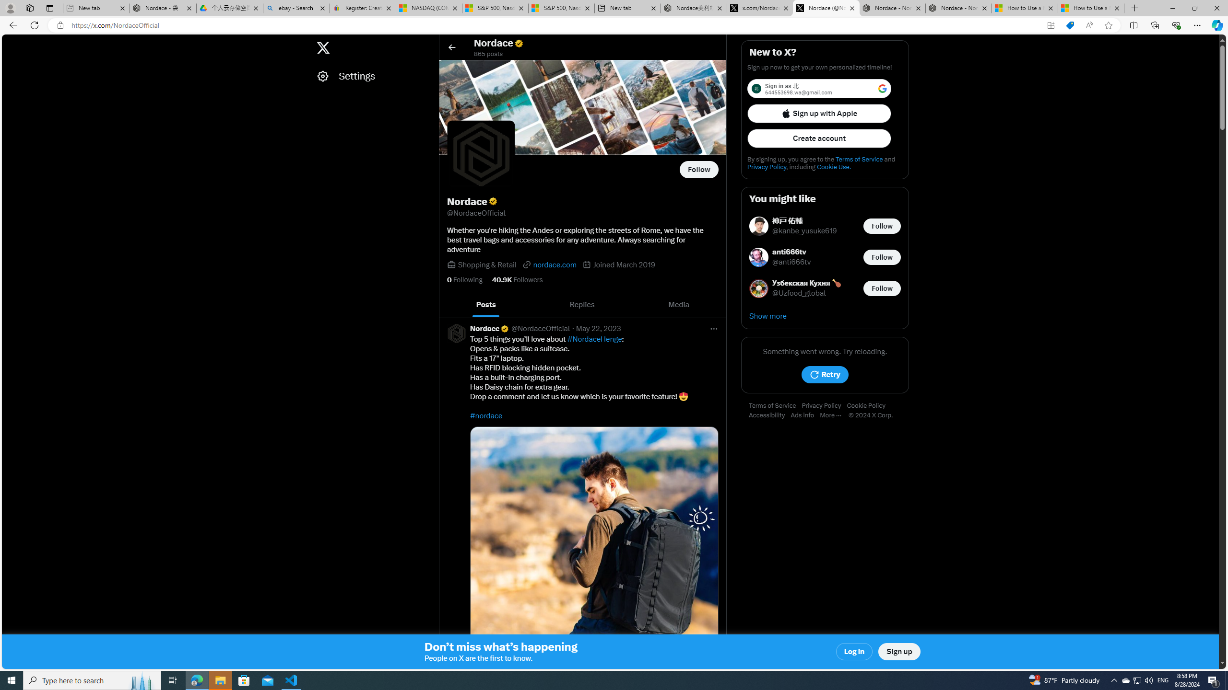 The width and height of the screenshot is (1228, 690). I want to click on 'x.com/NordaceOfficial', so click(759, 8).